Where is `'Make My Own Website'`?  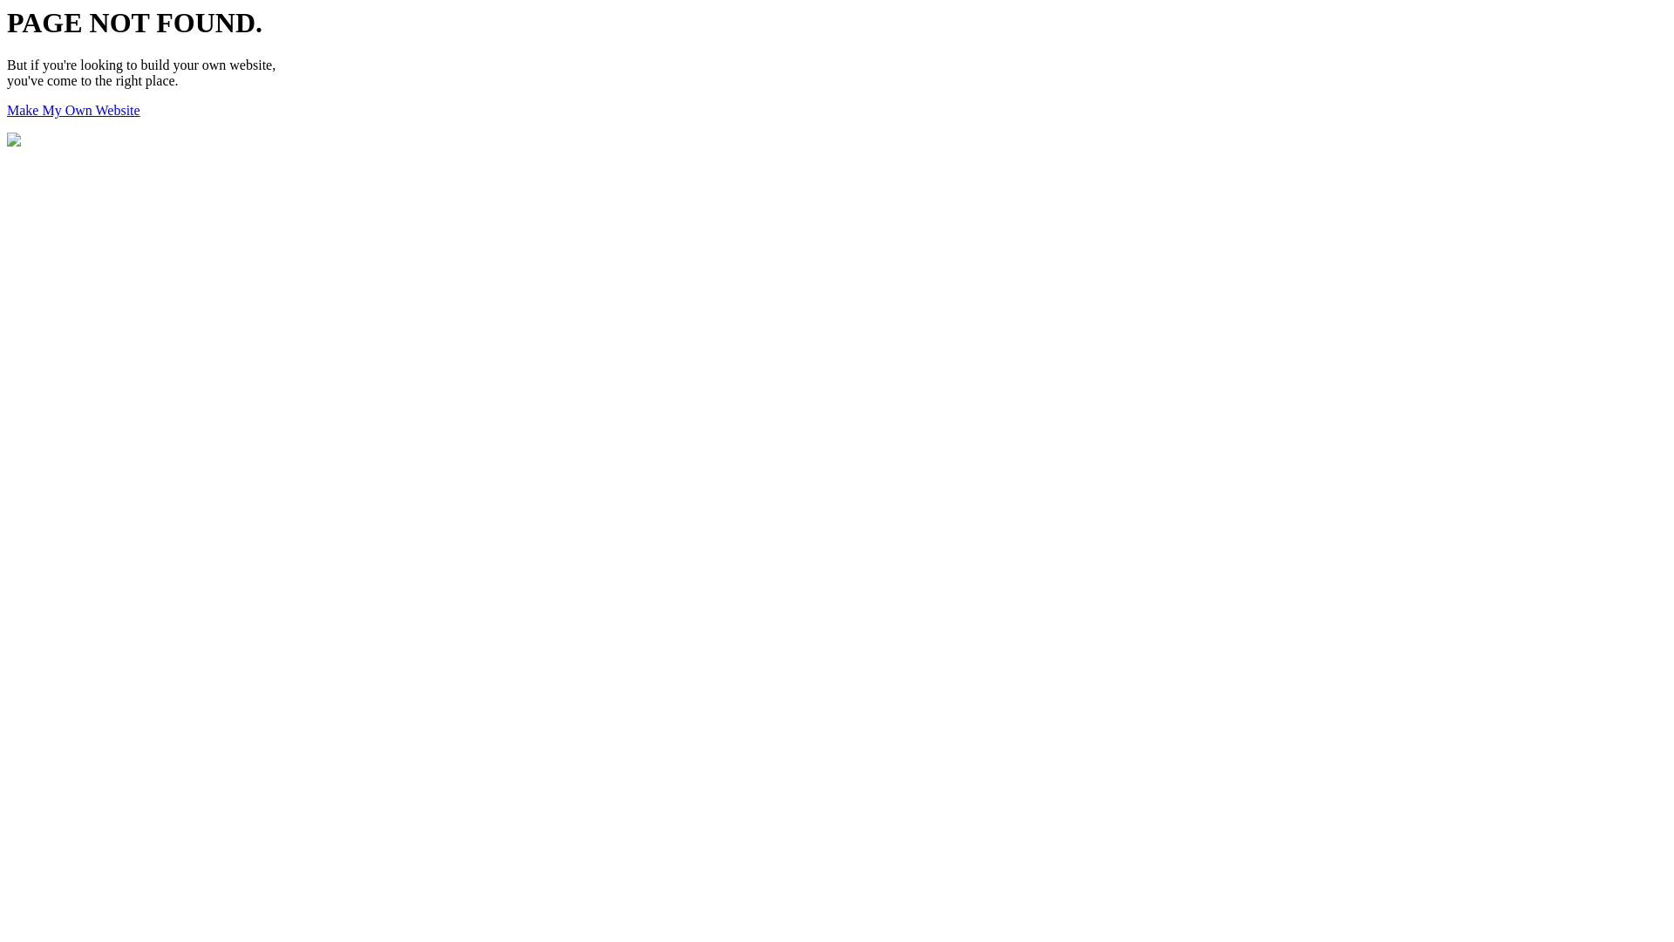
'Make My Own Website' is located at coordinates (72, 110).